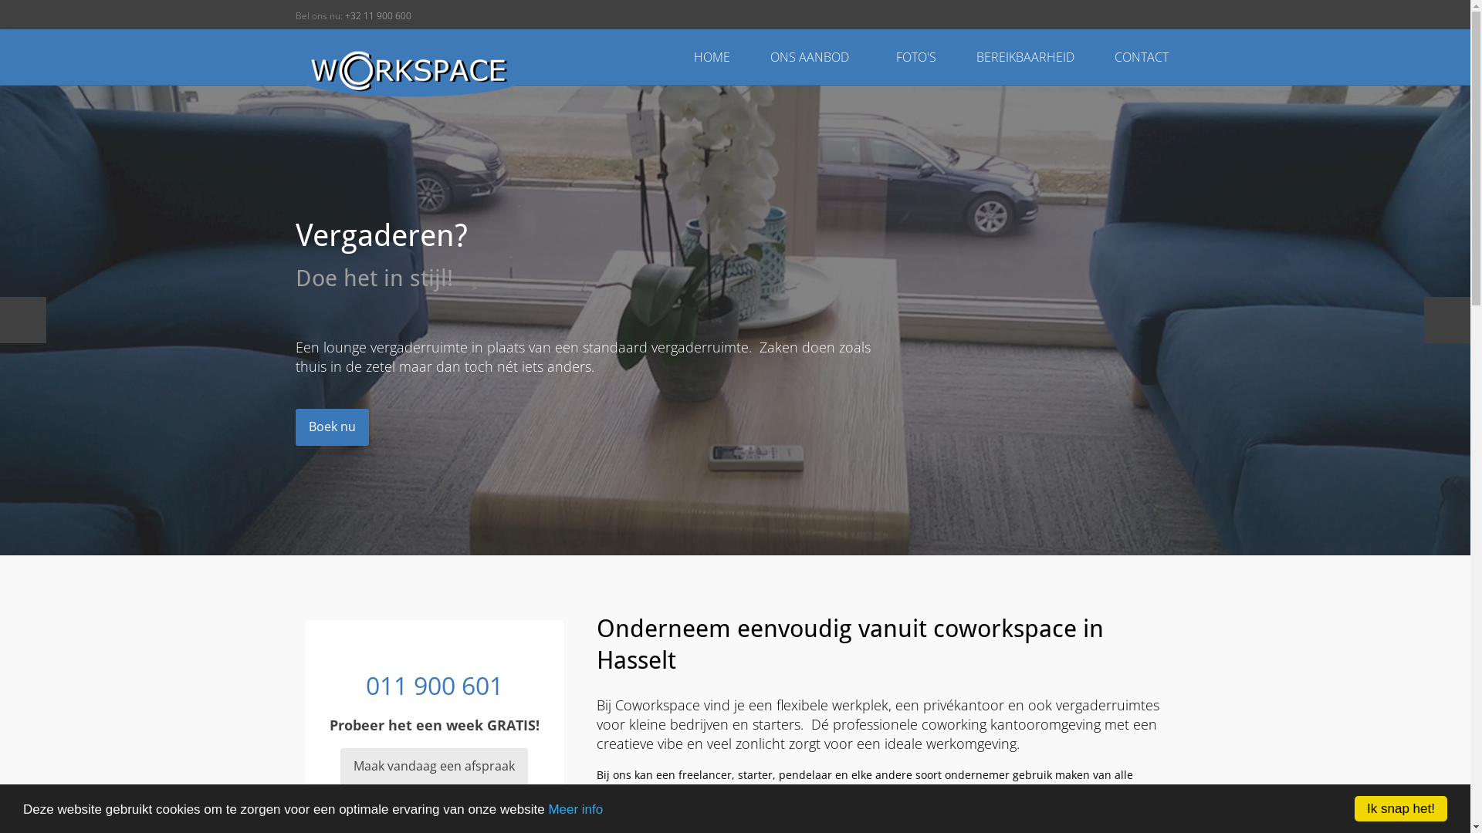 Image resolution: width=1482 pixels, height=833 pixels. Describe the element at coordinates (1400, 808) in the screenshot. I see `'Ik snap het!'` at that location.